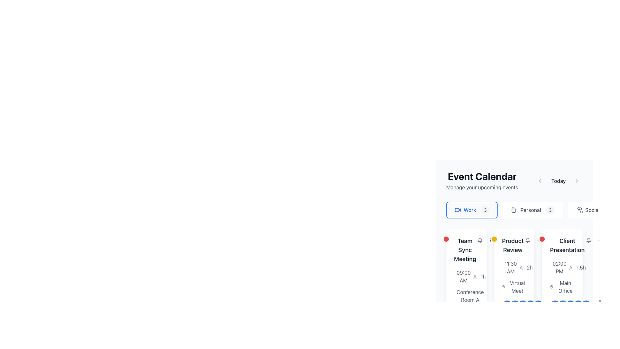 This screenshot has width=620, height=349. Describe the element at coordinates (576, 181) in the screenshot. I see `the right-pointing chevron icon, which is gray and located to the right of the 'Today' text in the header section` at that location.